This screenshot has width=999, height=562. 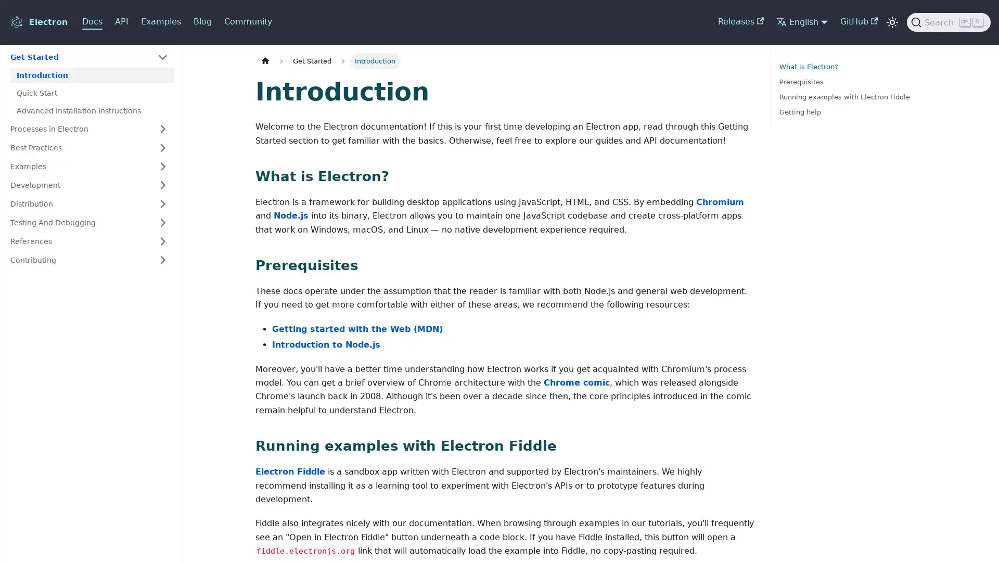 I want to click on Search, so click(x=949, y=22).